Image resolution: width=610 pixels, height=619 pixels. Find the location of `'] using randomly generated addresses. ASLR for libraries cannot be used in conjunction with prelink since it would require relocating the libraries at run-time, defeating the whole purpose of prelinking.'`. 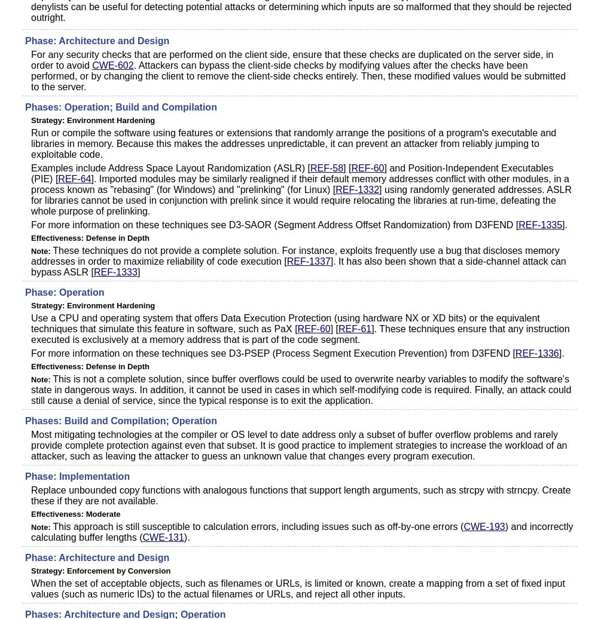

'] using randomly generated addresses. ASLR for libraries cannot be used in conjunction with prelink since it would require relocating the libraries at run-time, defeating the whole purpose of prelinking.' is located at coordinates (301, 200).